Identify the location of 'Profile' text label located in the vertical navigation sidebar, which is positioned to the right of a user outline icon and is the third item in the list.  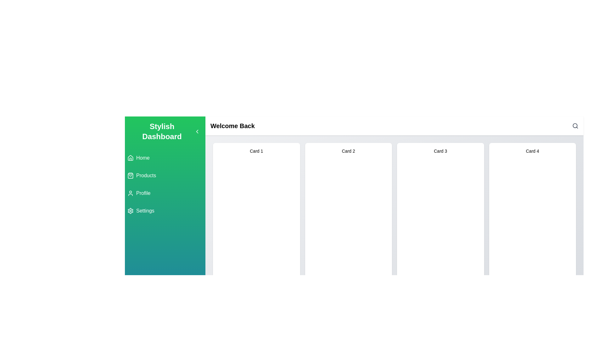
(143, 193).